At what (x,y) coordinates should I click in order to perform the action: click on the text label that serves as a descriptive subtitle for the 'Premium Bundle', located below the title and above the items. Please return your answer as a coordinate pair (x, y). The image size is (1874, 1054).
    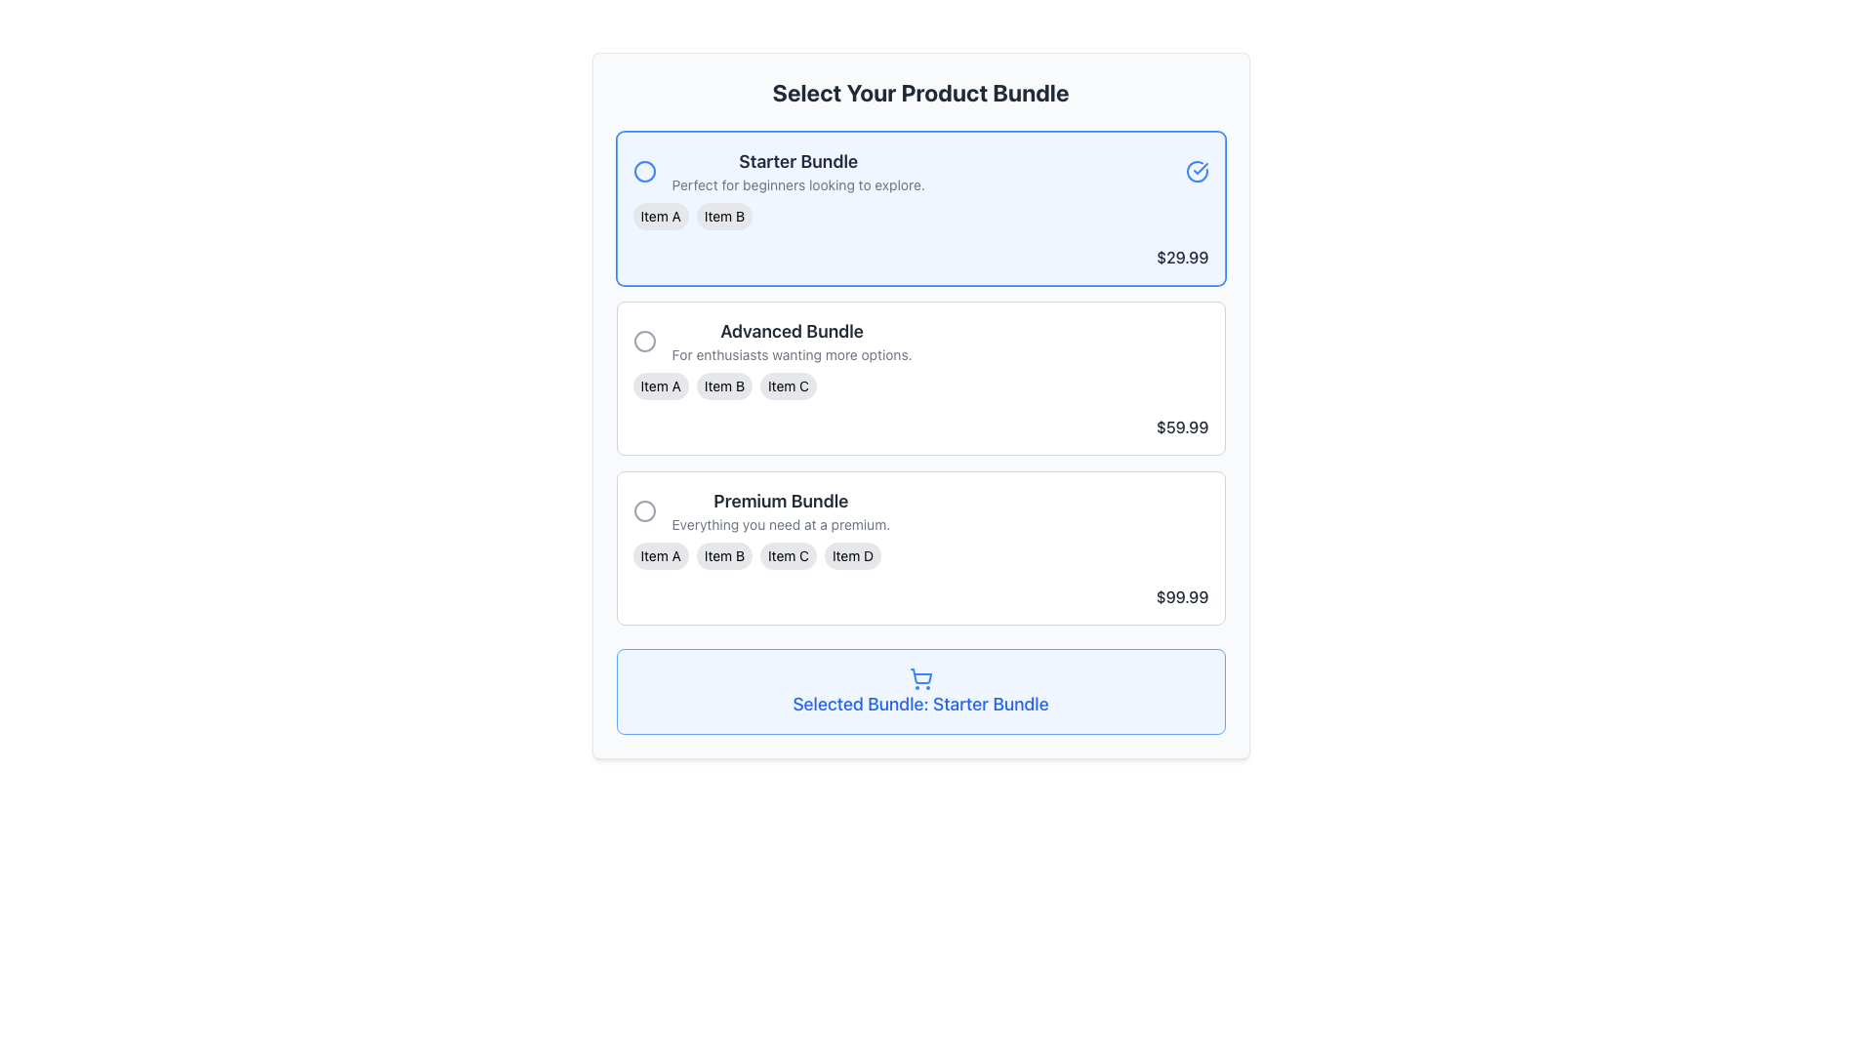
    Looking at the image, I should click on (781, 523).